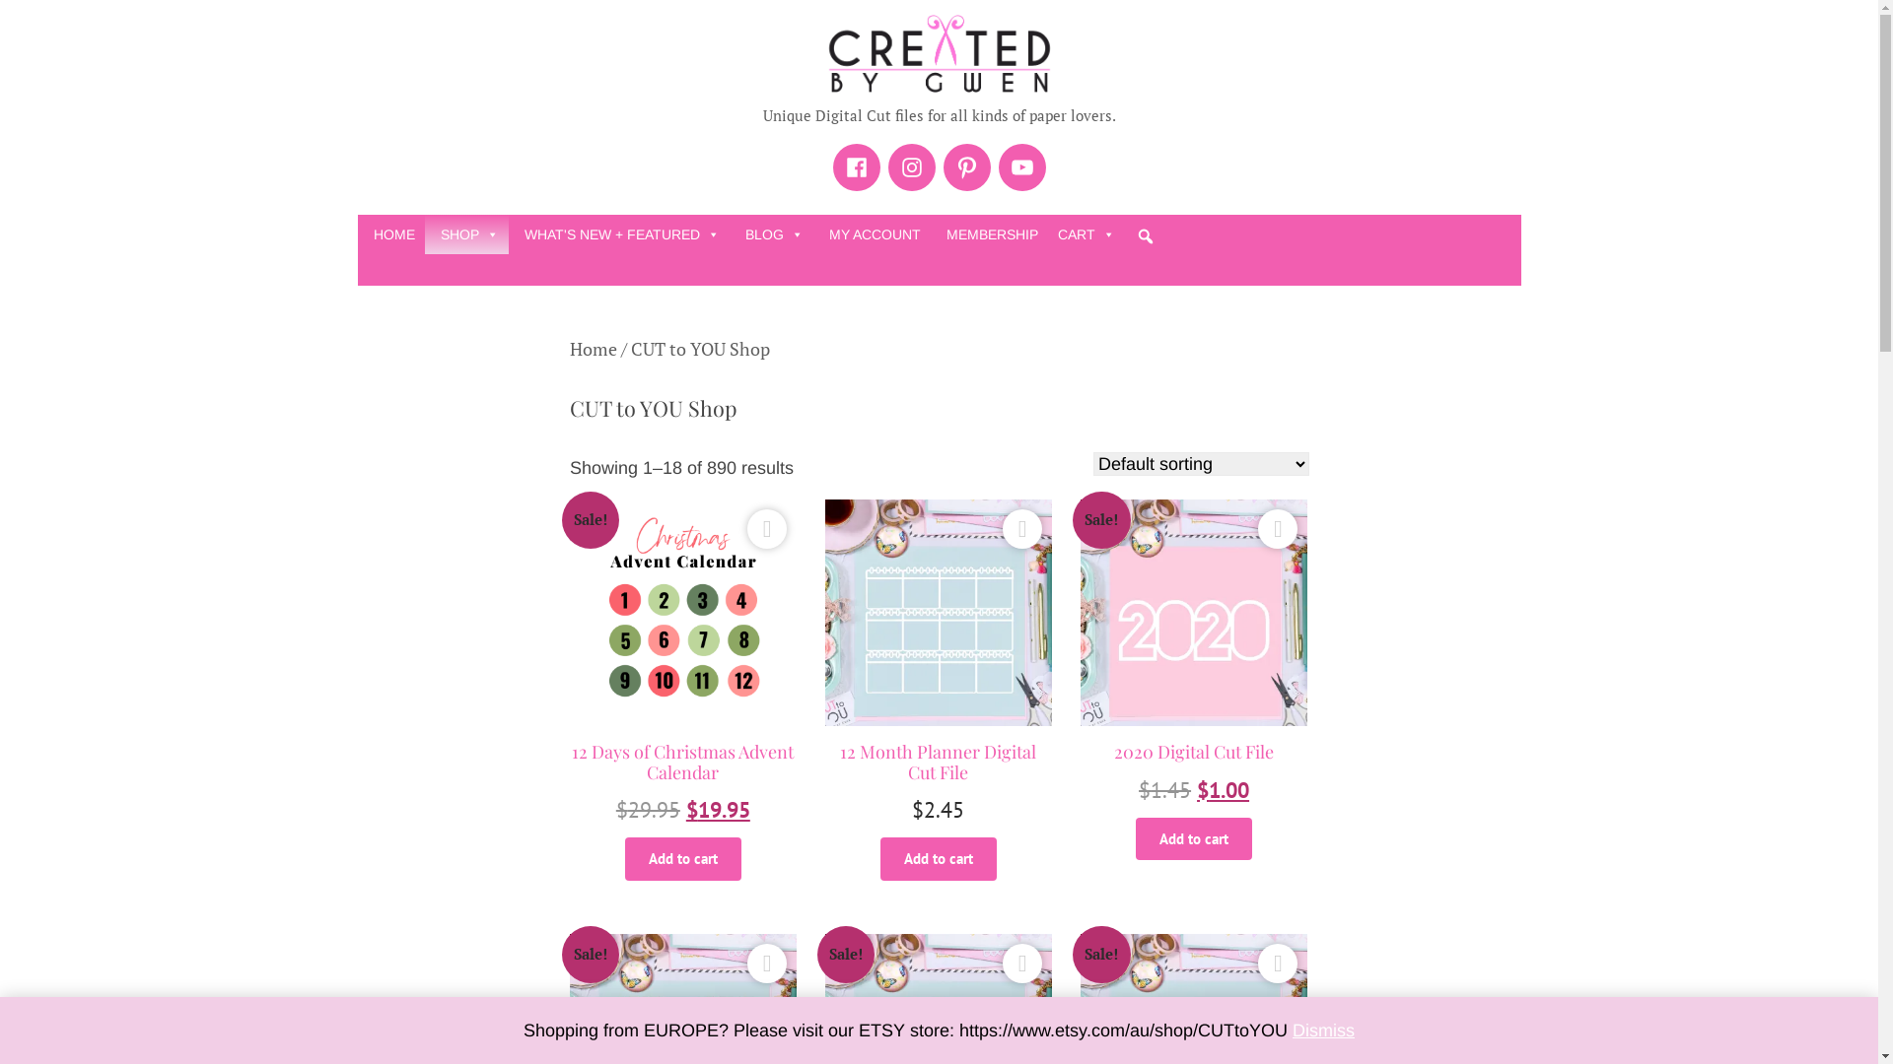 The height and width of the screenshot is (1064, 1893). Describe the element at coordinates (464, 233) in the screenshot. I see `'SHOP'` at that location.